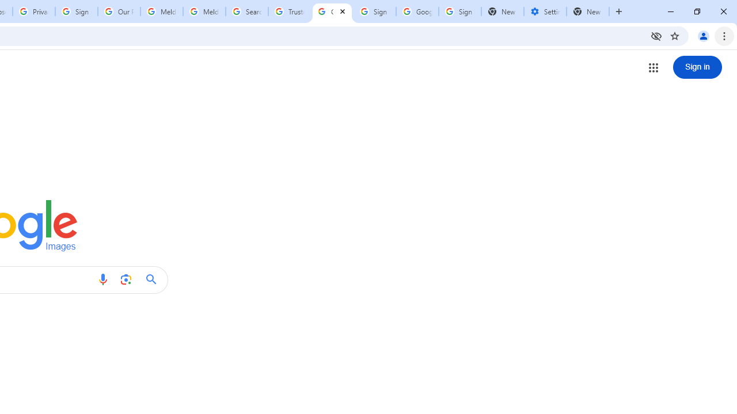 The image size is (737, 414). I want to click on 'Close', so click(342, 11).